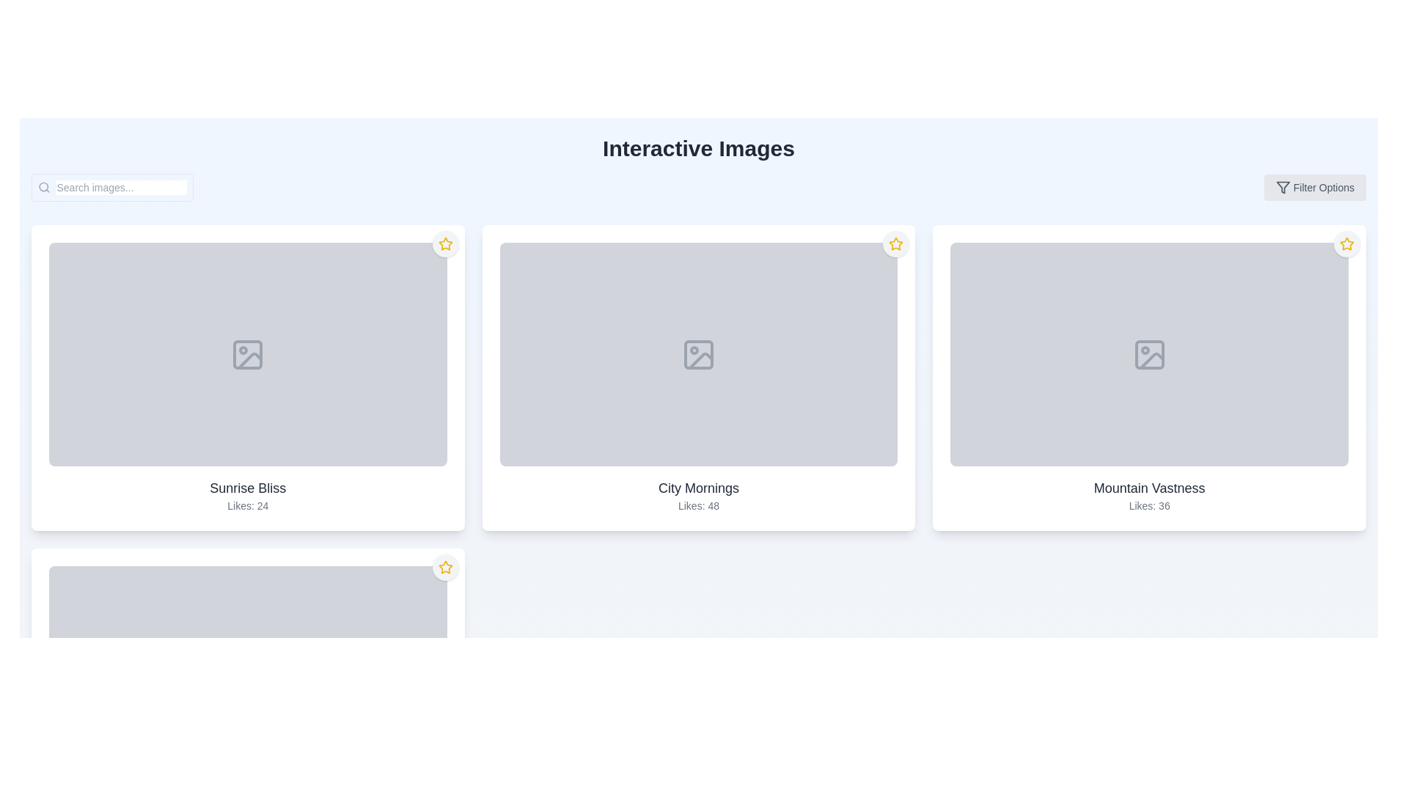 The width and height of the screenshot is (1408, 792). I want to click on the filter options button located at the top-right corner of the interface, so click(1315, 186).